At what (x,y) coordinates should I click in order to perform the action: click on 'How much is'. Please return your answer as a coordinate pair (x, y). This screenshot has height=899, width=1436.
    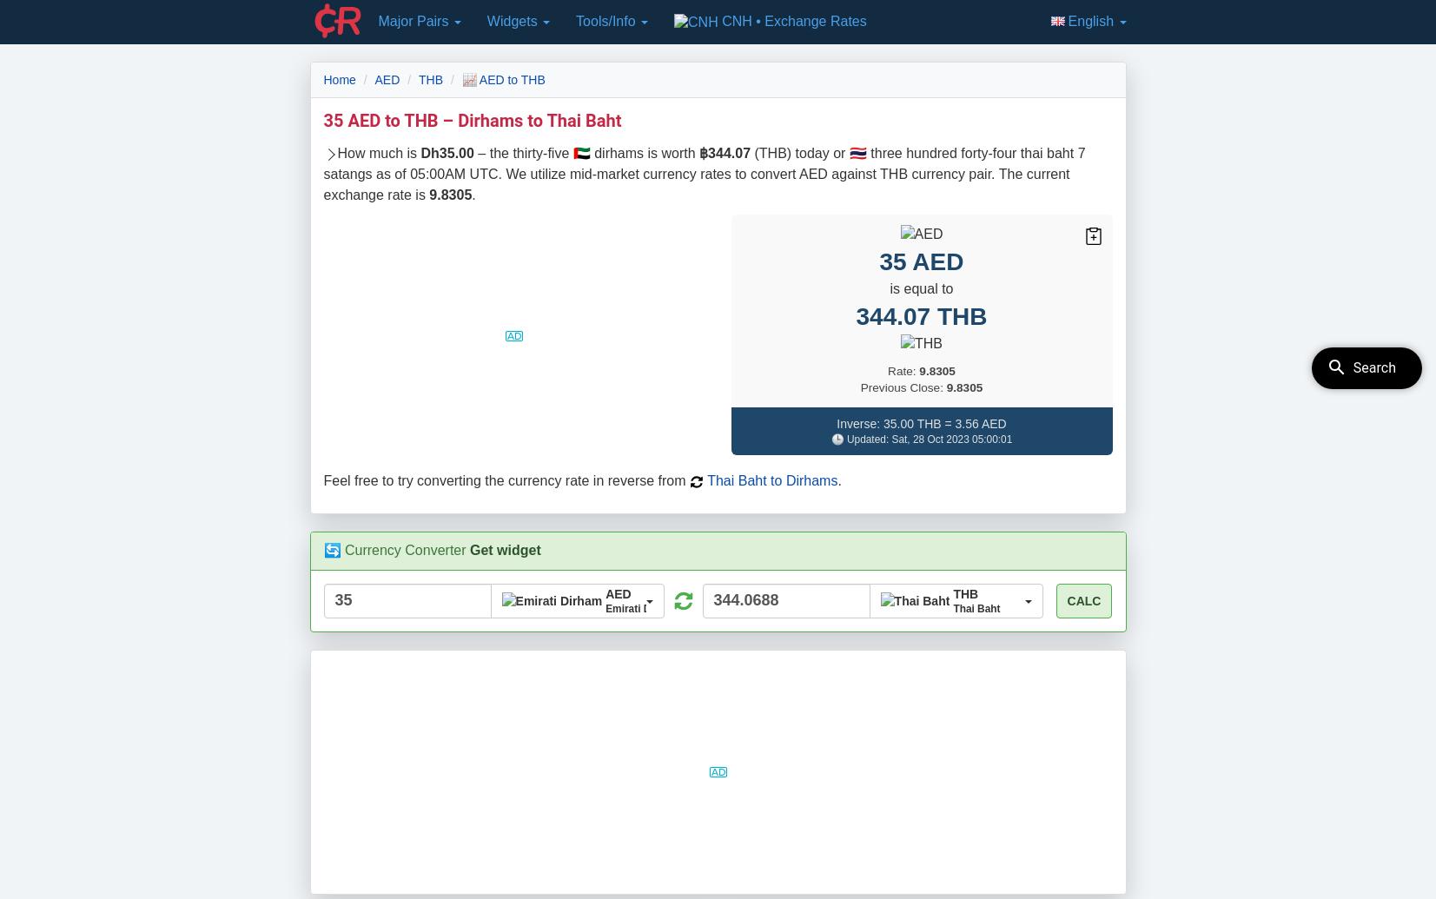
    Looking at the image, I should click on (378, 152).